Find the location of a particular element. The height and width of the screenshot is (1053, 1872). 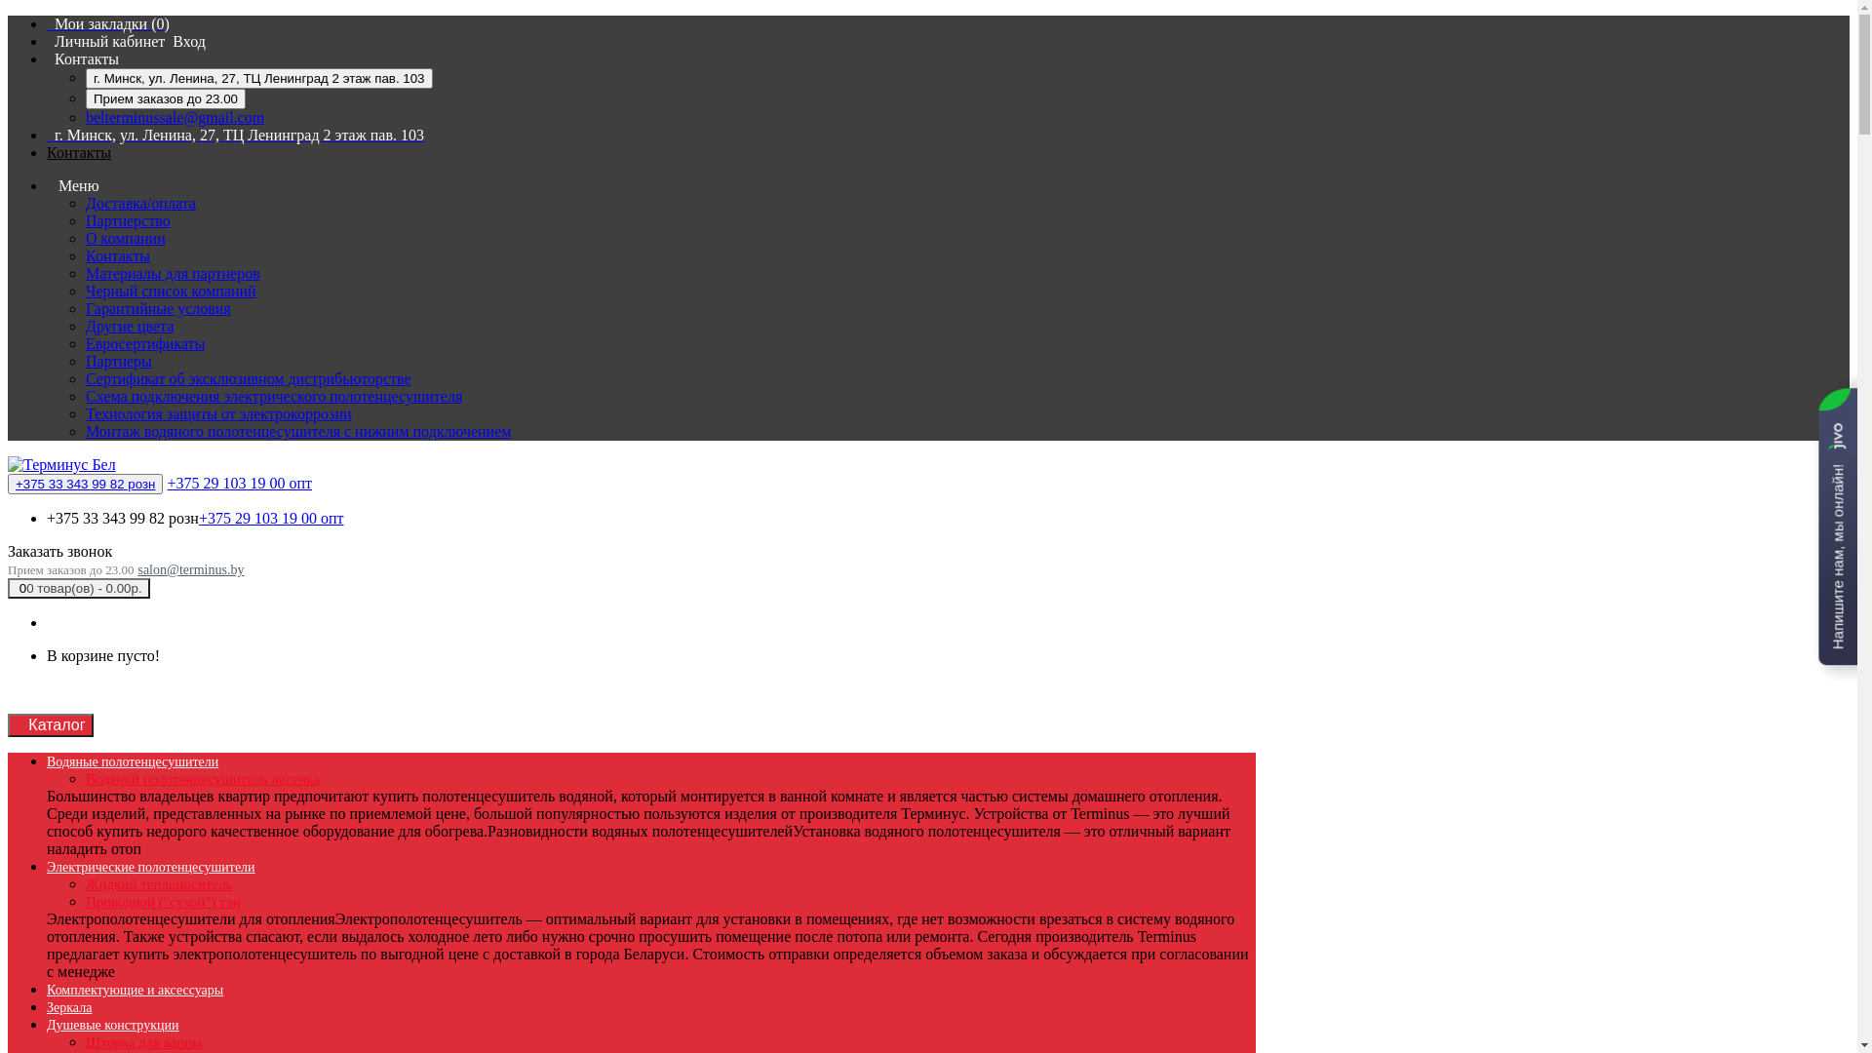

'belterminussale@gmail.com' is located at coordinates (175, 117).